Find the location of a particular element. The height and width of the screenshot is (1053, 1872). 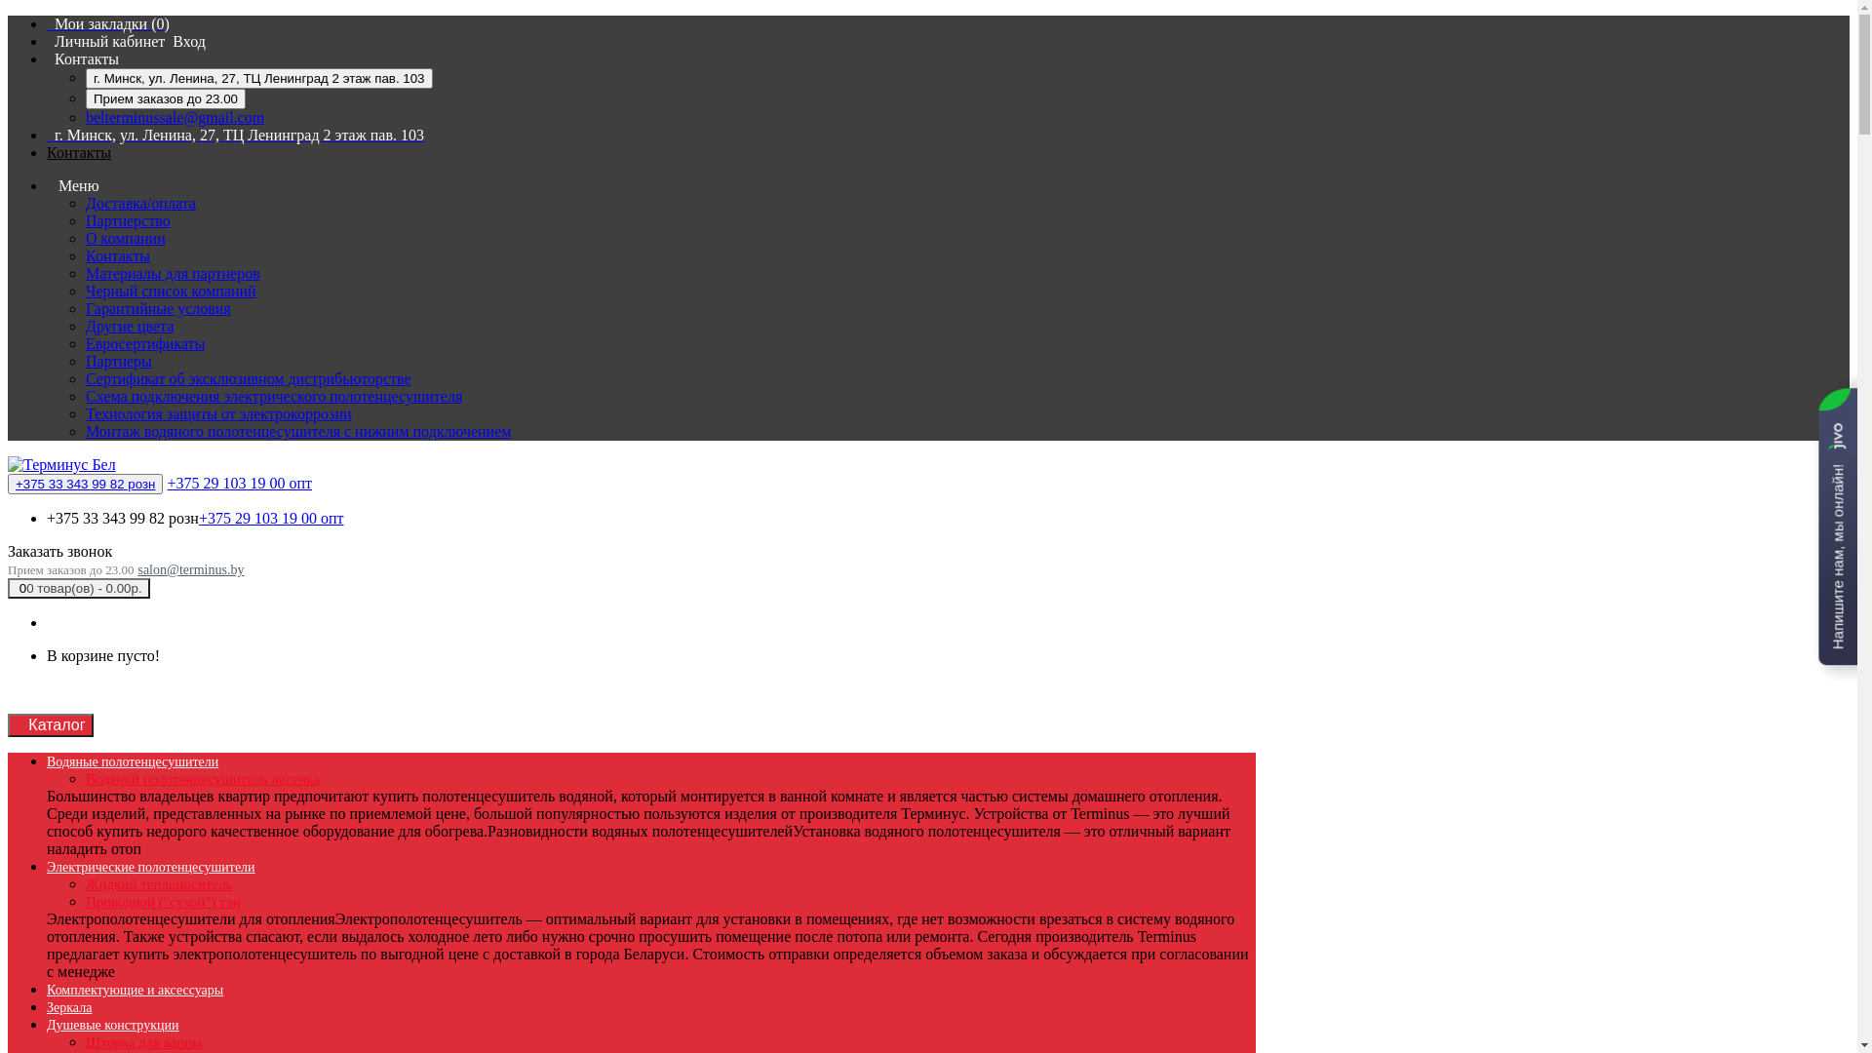

'belterminussale@gmail.com' is located at coordinates (175, 117).